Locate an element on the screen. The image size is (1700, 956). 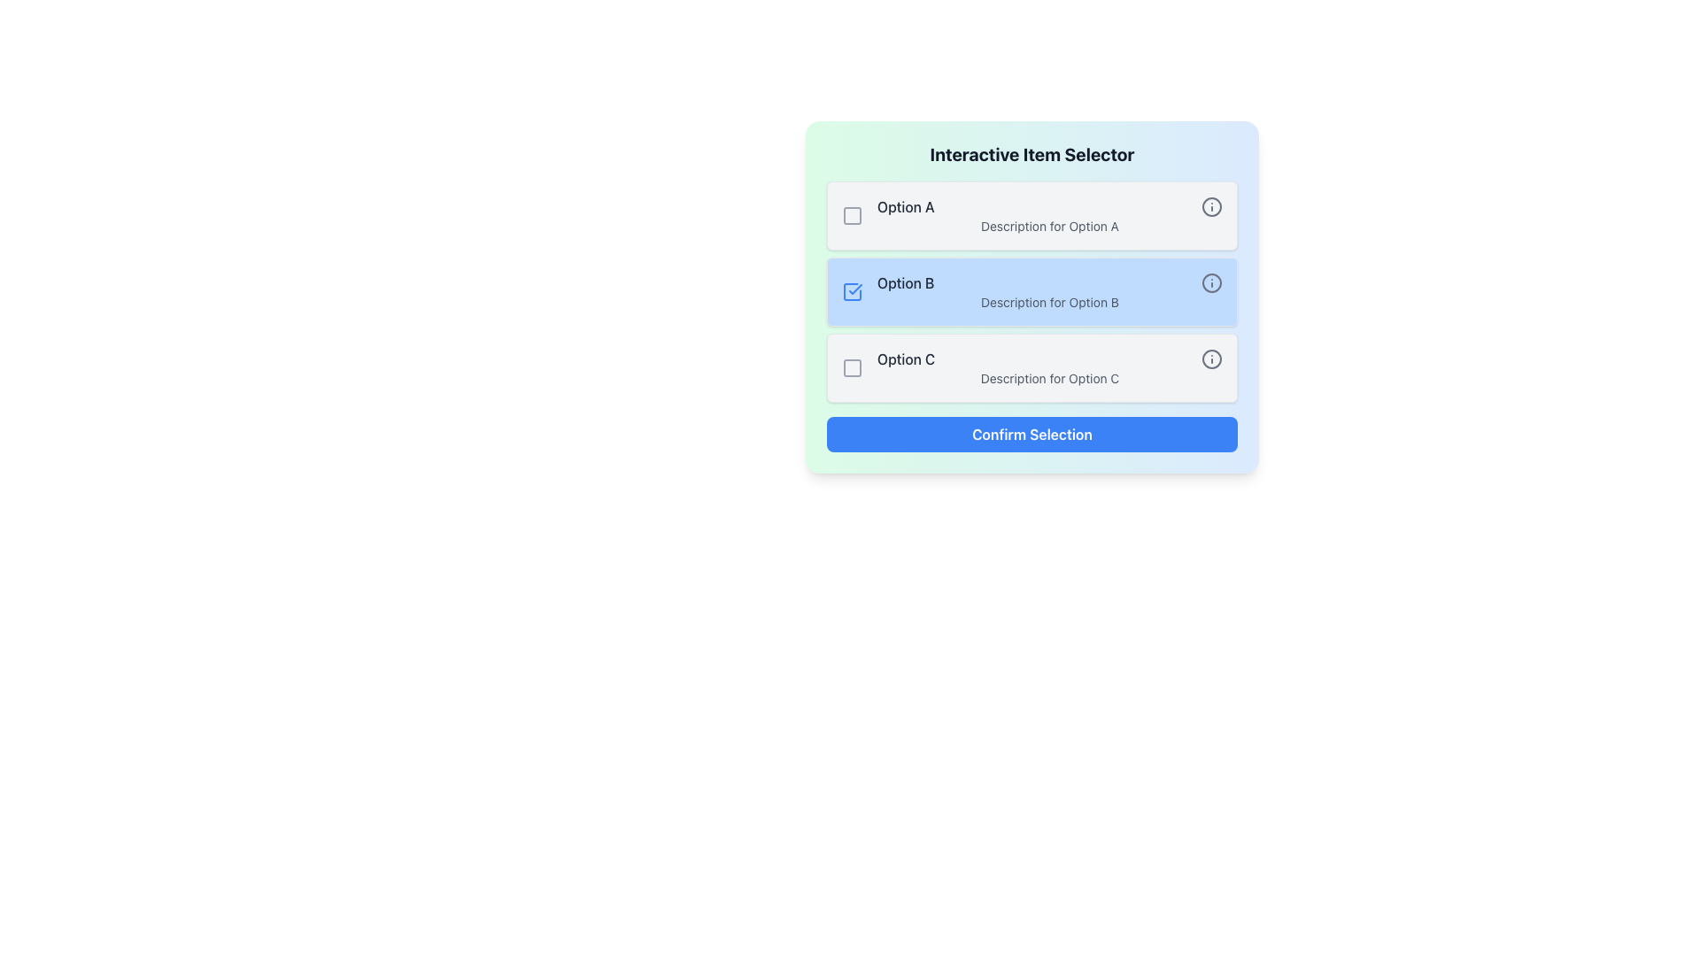
the gray-colored SVG circle icon in the far-right section of the 'Option A' row within the 'Interactive Item Selector' UI component is located at coordinates (1210, 206).